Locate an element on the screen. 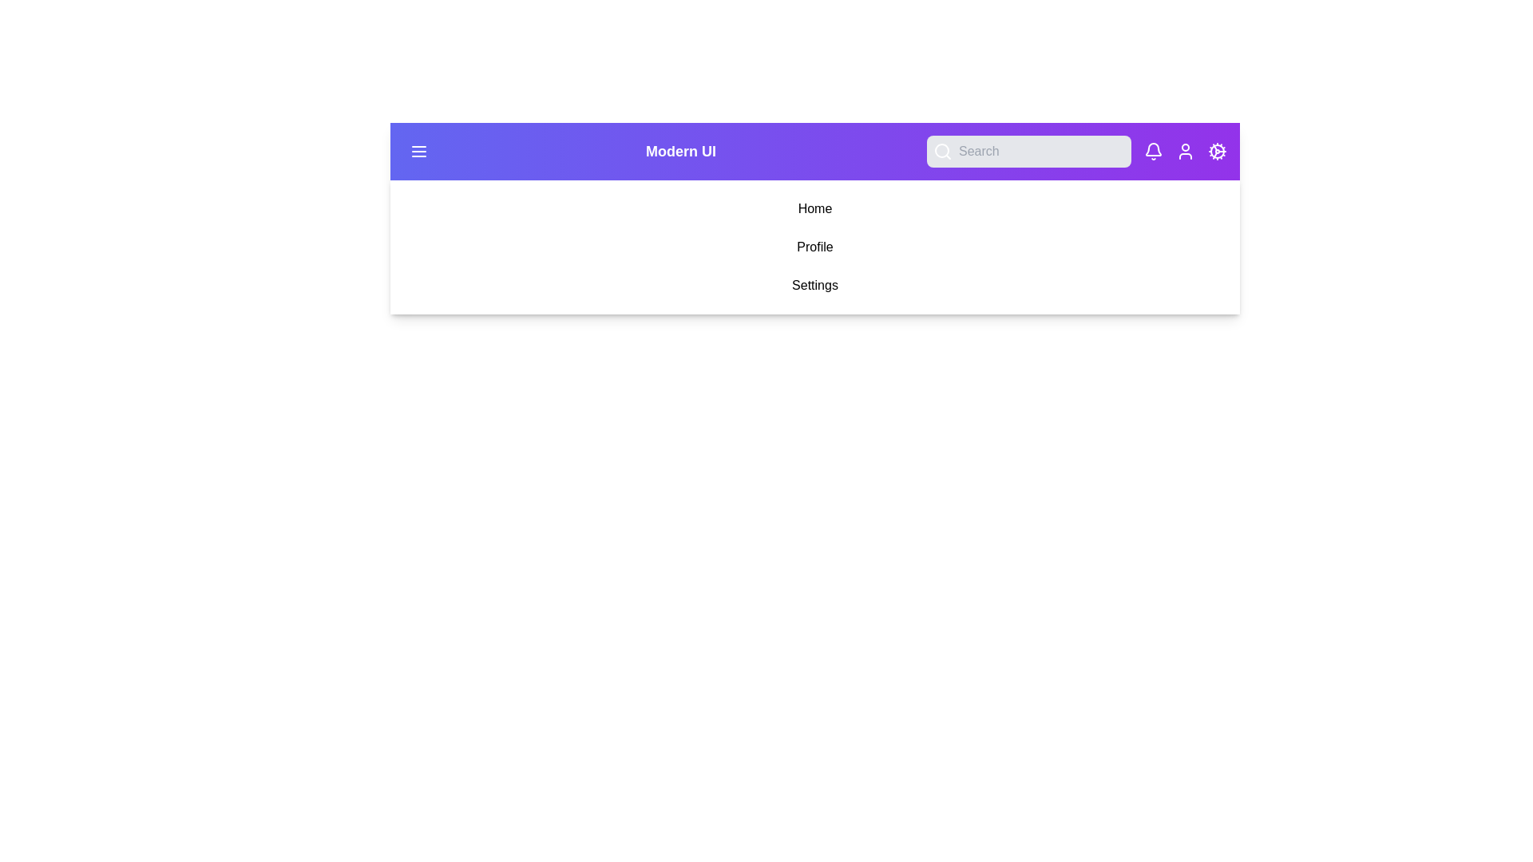 This screenshot has height=862, width=1533. menu toggle button to toggle the menu visibility is located at coordinates (418, 151).